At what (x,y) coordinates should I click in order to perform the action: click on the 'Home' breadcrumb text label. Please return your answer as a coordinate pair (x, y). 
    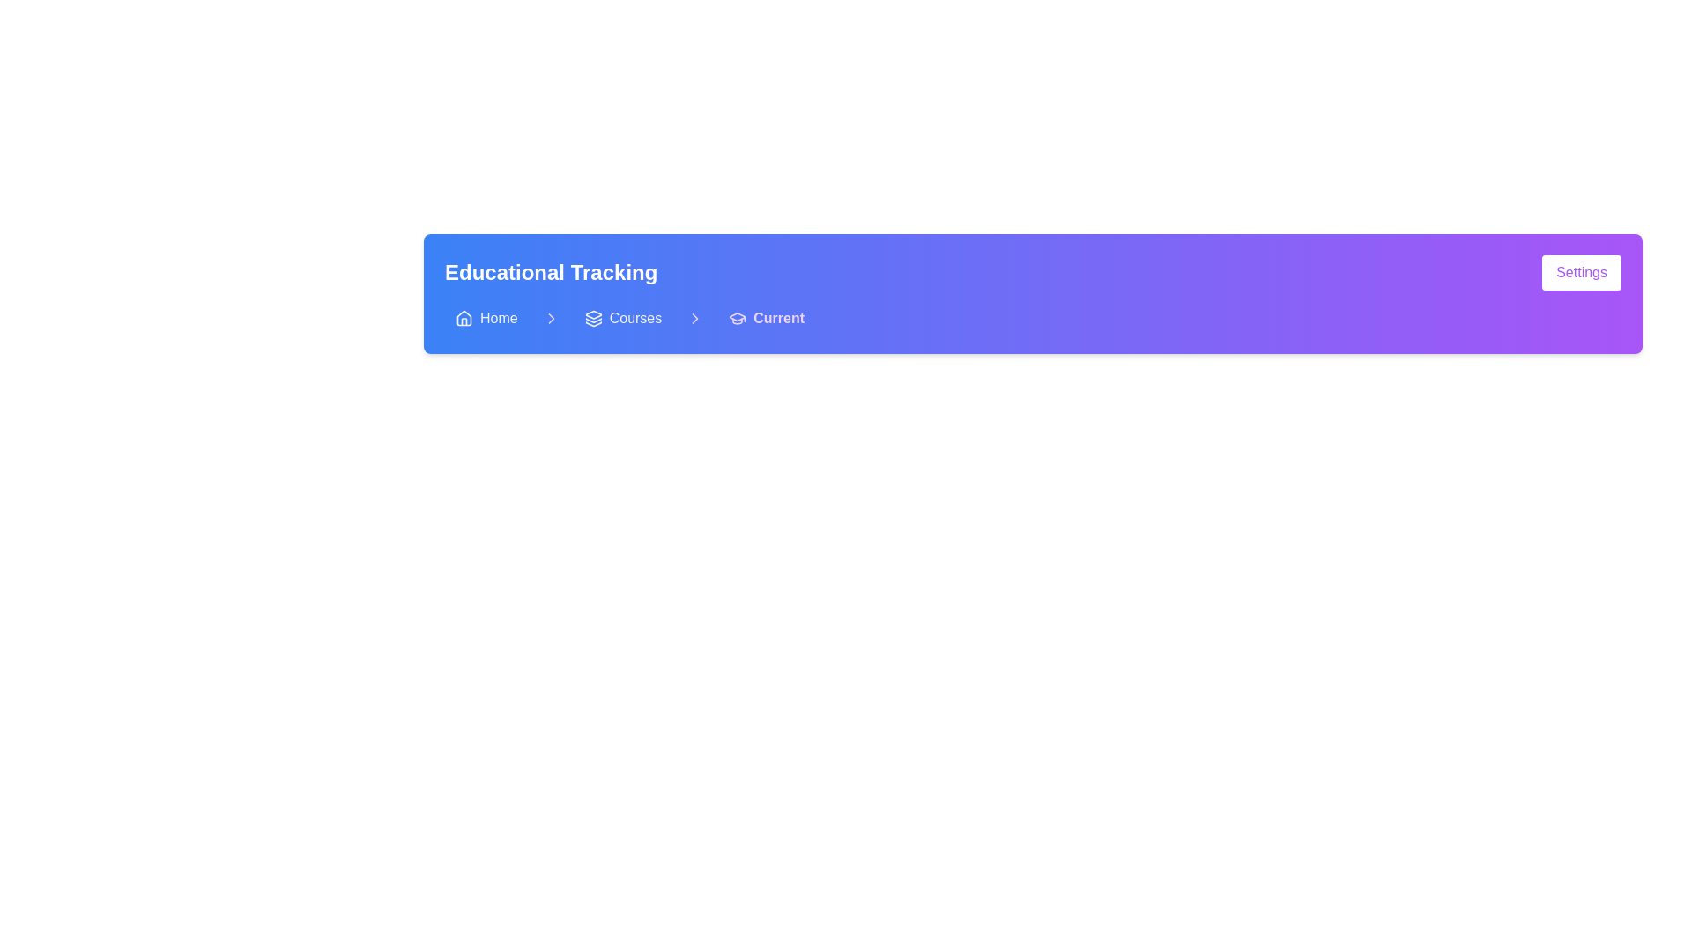
    Looking at the image, I should click on (498, 319).